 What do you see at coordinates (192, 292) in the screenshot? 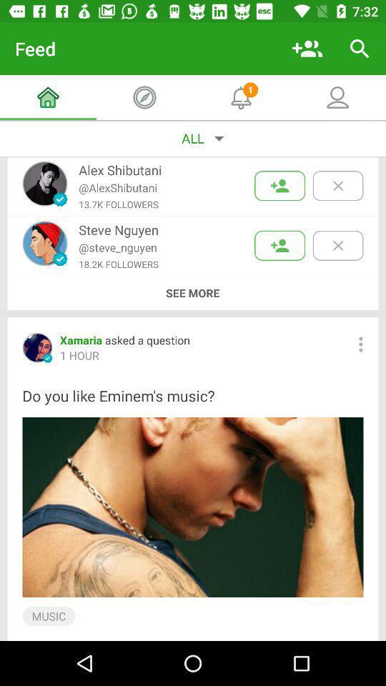
I see `see more` at bounding box center [192, 292].